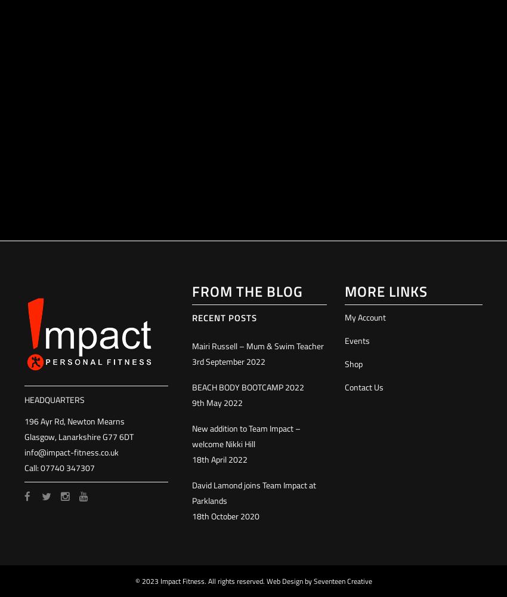 This screenshot has width=507, height=597. Describe the element at coordinates (191, 318) in the screenshot. I see `'Recent Posts'` at that location.